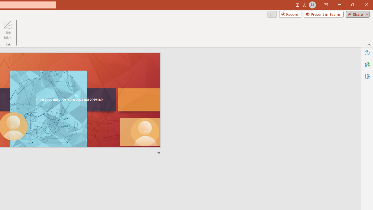 This screenshot has width=373, height=210. I want to click on 'Hide Ink', so click(8, 24).